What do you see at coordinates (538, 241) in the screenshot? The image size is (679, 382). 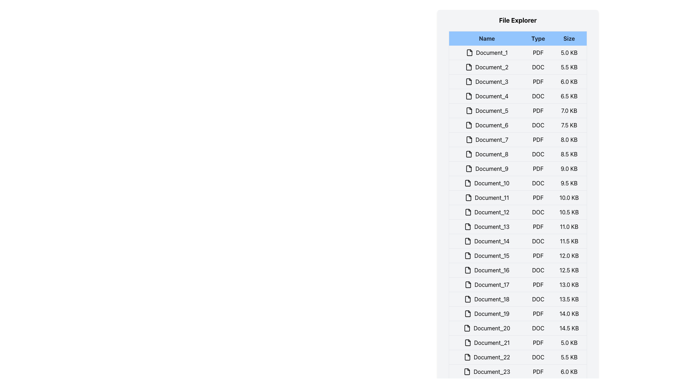 I see `the text label indicating the file type for 'Document_14', positioned between 'Document_14' and '11.5 KB'` at bounding box center [538, 241].